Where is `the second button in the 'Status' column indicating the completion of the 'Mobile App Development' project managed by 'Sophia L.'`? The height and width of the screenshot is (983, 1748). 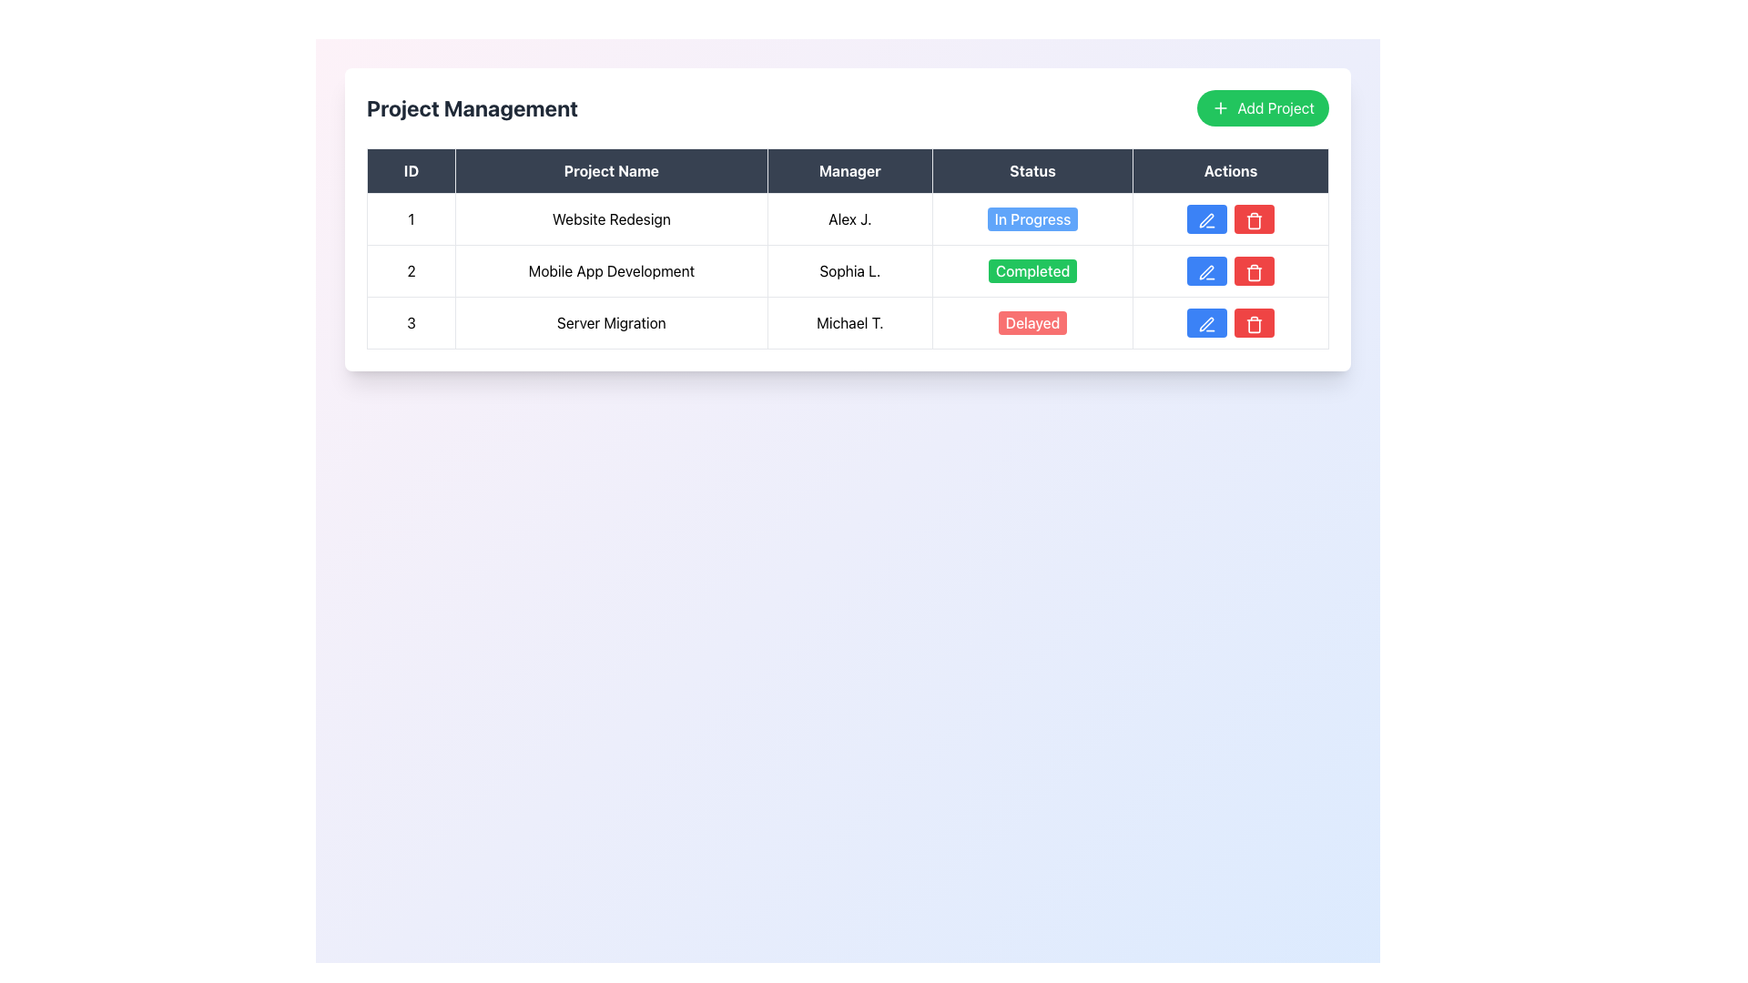
the second button in the 'Status' column indicating the completion of the 'Mobile App Development' project managed by 'Sophia L.' is located at coordinates (1032, 270).